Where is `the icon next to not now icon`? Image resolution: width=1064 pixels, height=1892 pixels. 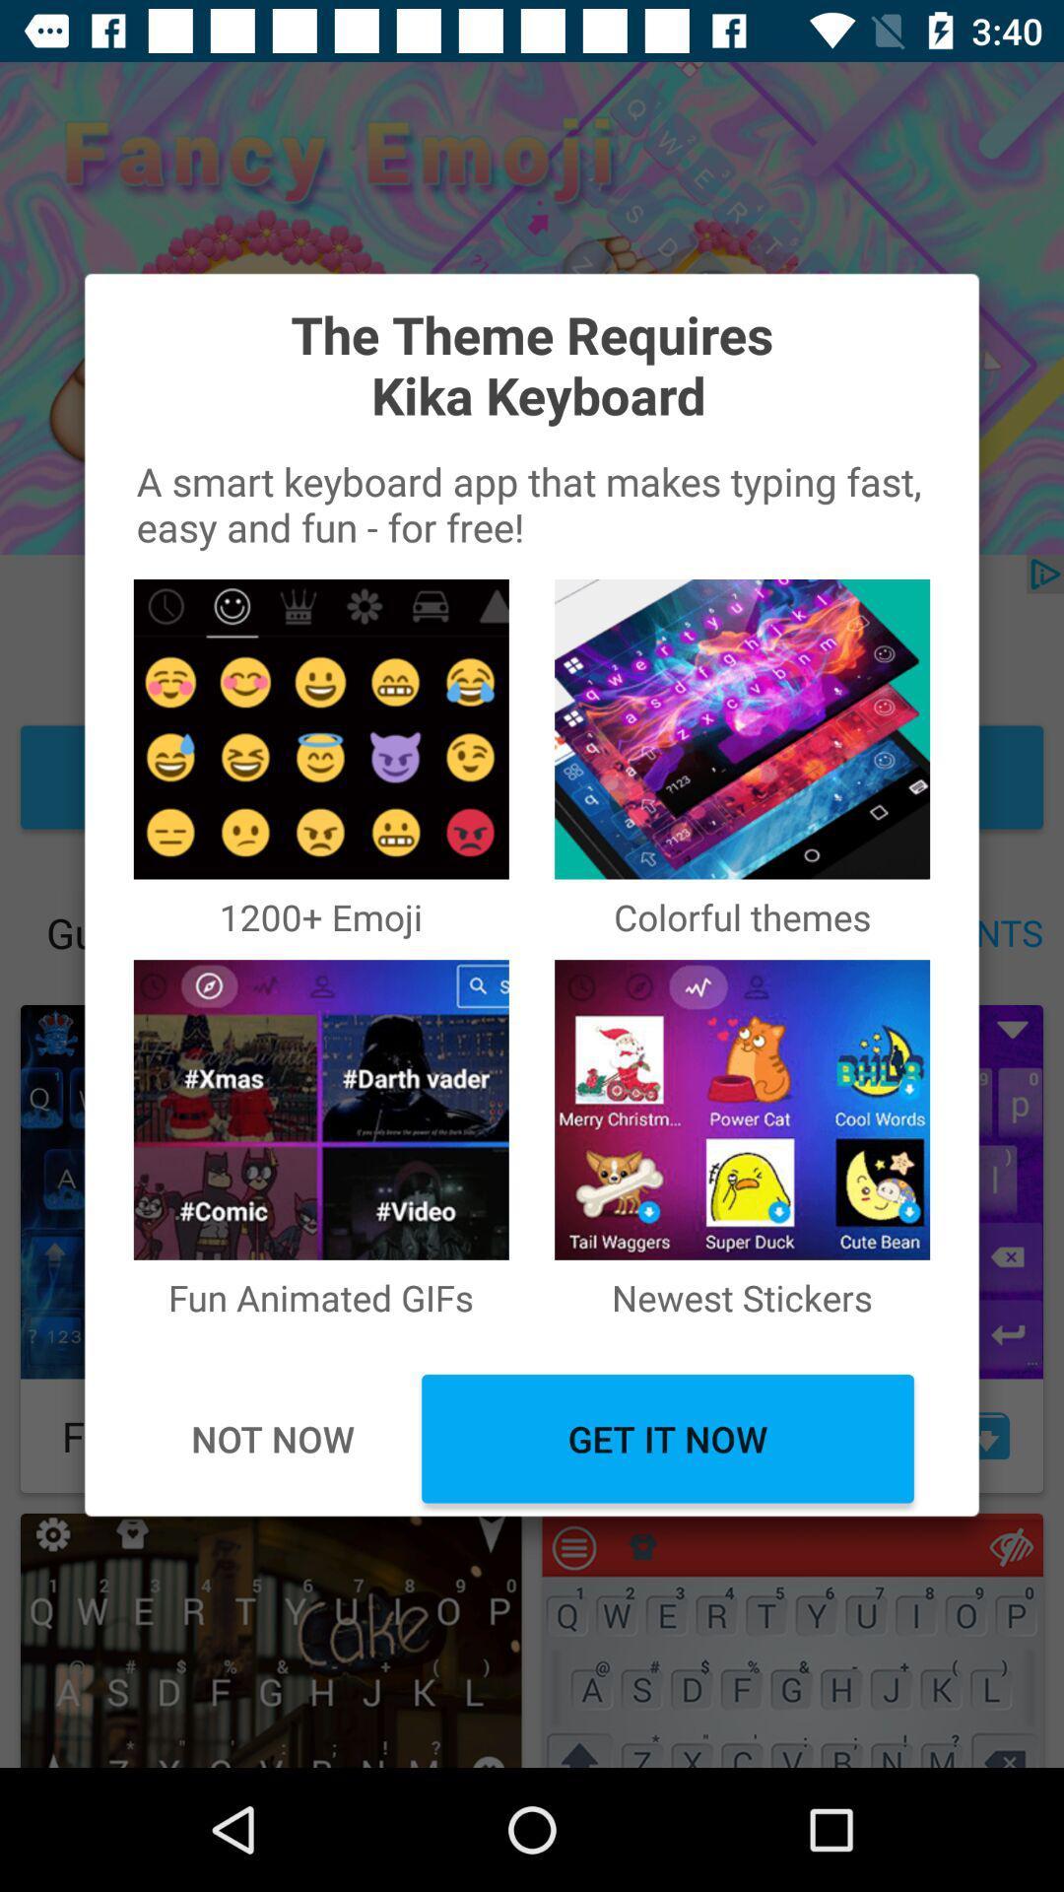 the icon next to not now icon is located at coordinates (667, 1439).